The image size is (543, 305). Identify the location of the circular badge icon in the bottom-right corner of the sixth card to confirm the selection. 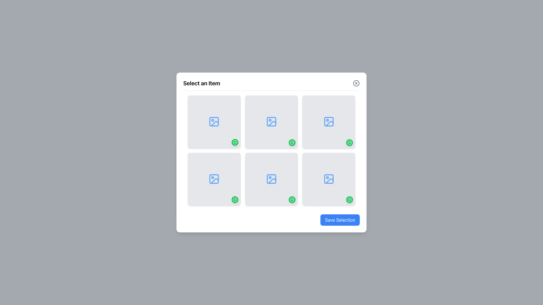
(235, 199).